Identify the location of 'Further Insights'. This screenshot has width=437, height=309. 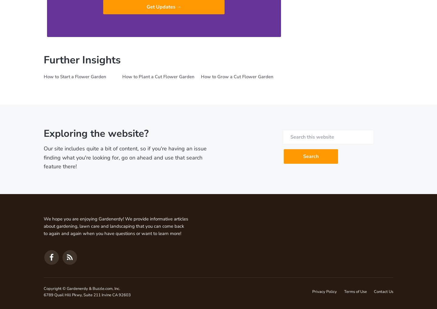
(82, 59).